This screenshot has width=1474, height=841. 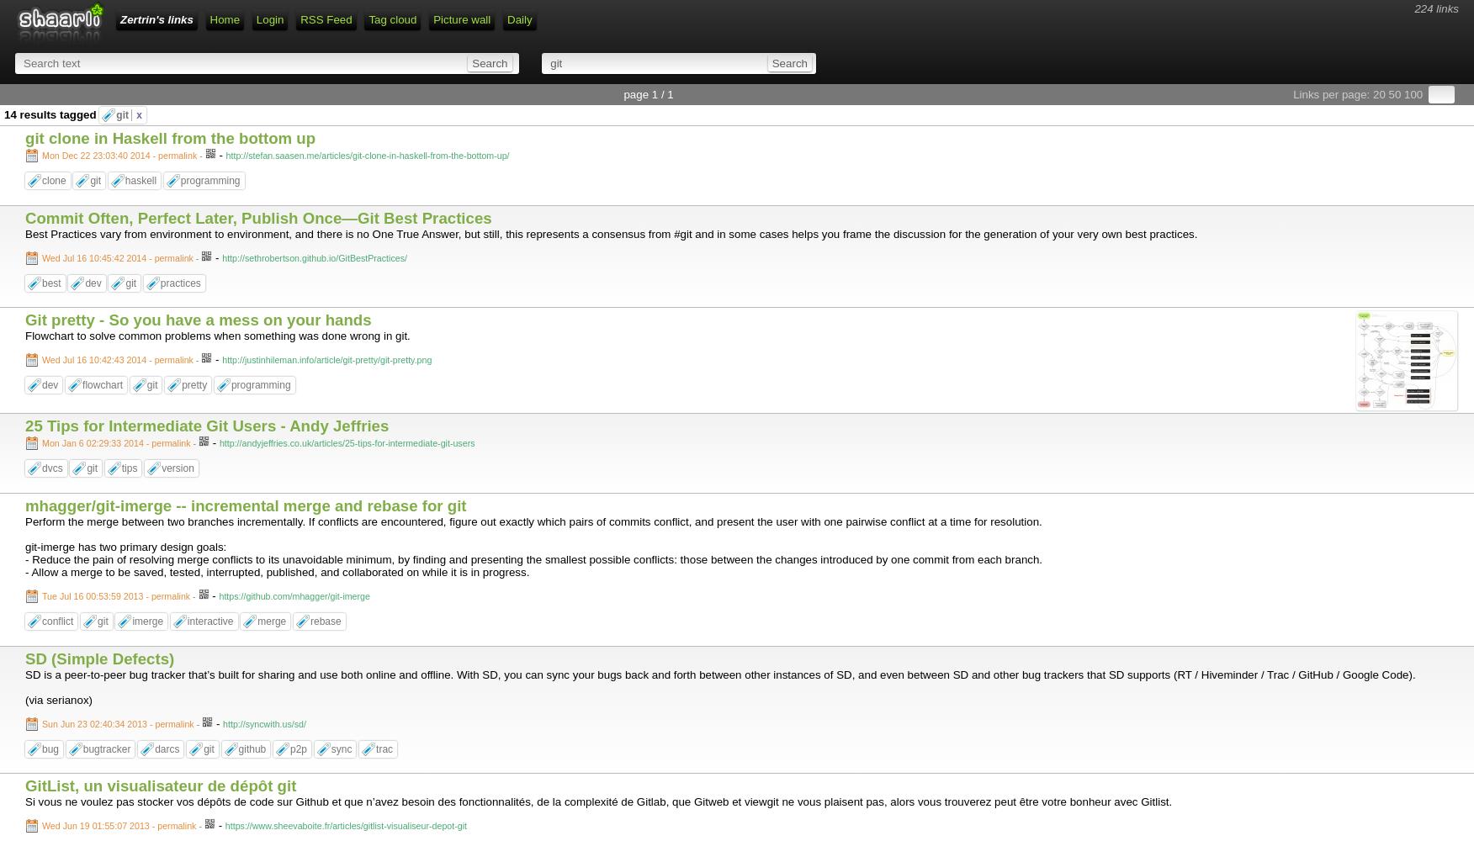 What do you see at coordinates (51, 114) in the screenshot?
I see `'14 results
            
            
                
                tagged'` at bounding box center [51, 114].